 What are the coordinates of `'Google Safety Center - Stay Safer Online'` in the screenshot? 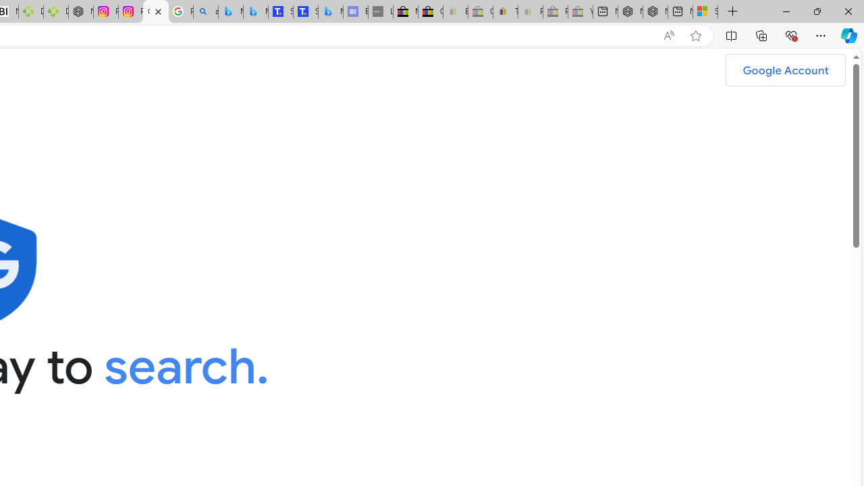 It's located at (156, 11).